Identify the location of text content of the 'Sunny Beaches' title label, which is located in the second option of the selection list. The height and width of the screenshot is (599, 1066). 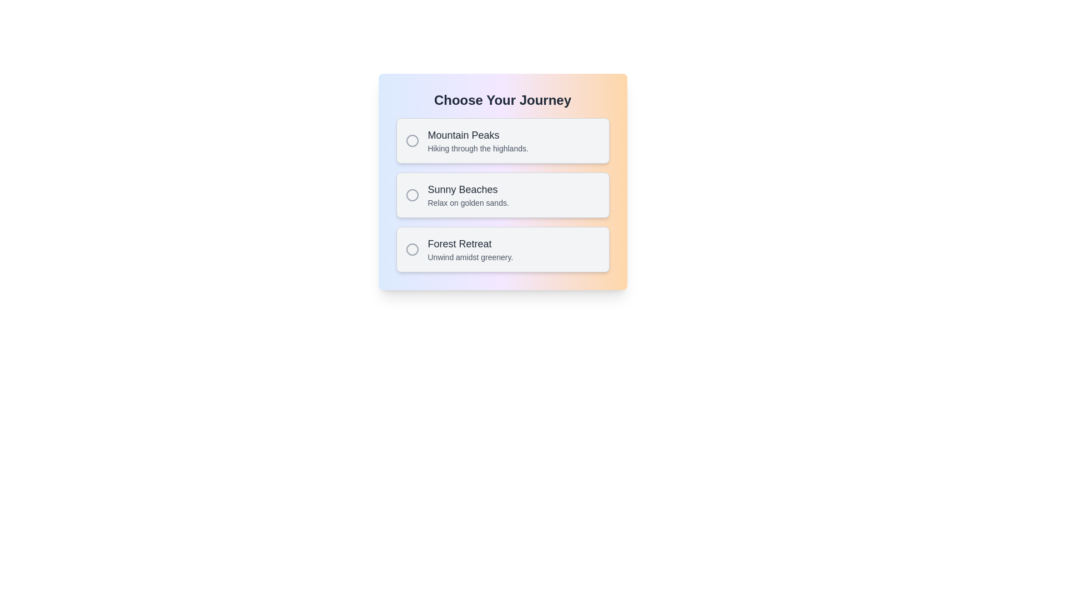
(468, 189).